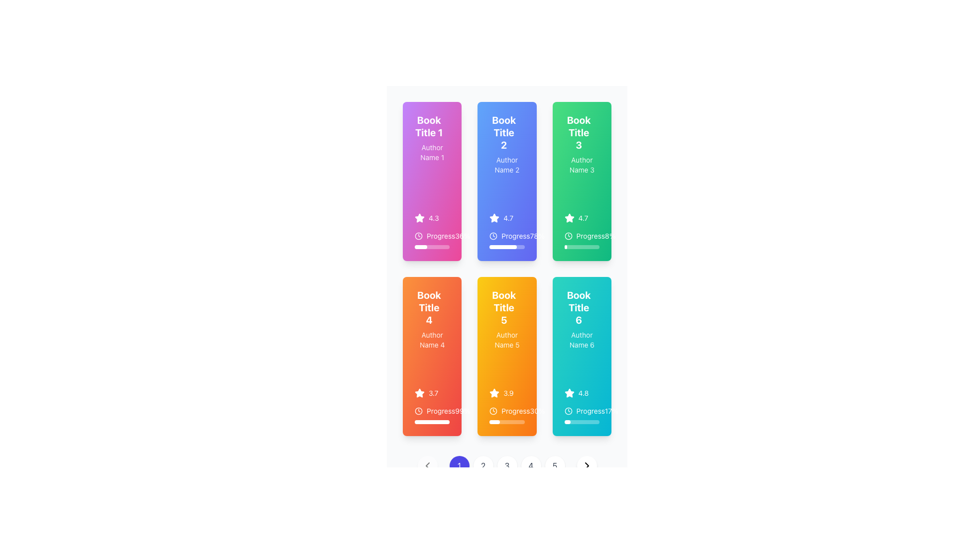 The image size is (956, 537). I want to click on the heading or title text element that displays the title of a book within a grid of book cards, located in the second column of the second row with an orange background, so click(504, 307).